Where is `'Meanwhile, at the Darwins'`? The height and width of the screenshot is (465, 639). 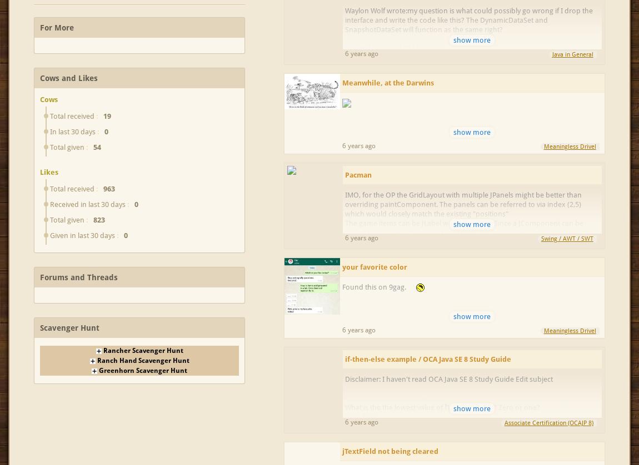
'Meanwhile, at the Darwins' is located at coordinates (387, 82).